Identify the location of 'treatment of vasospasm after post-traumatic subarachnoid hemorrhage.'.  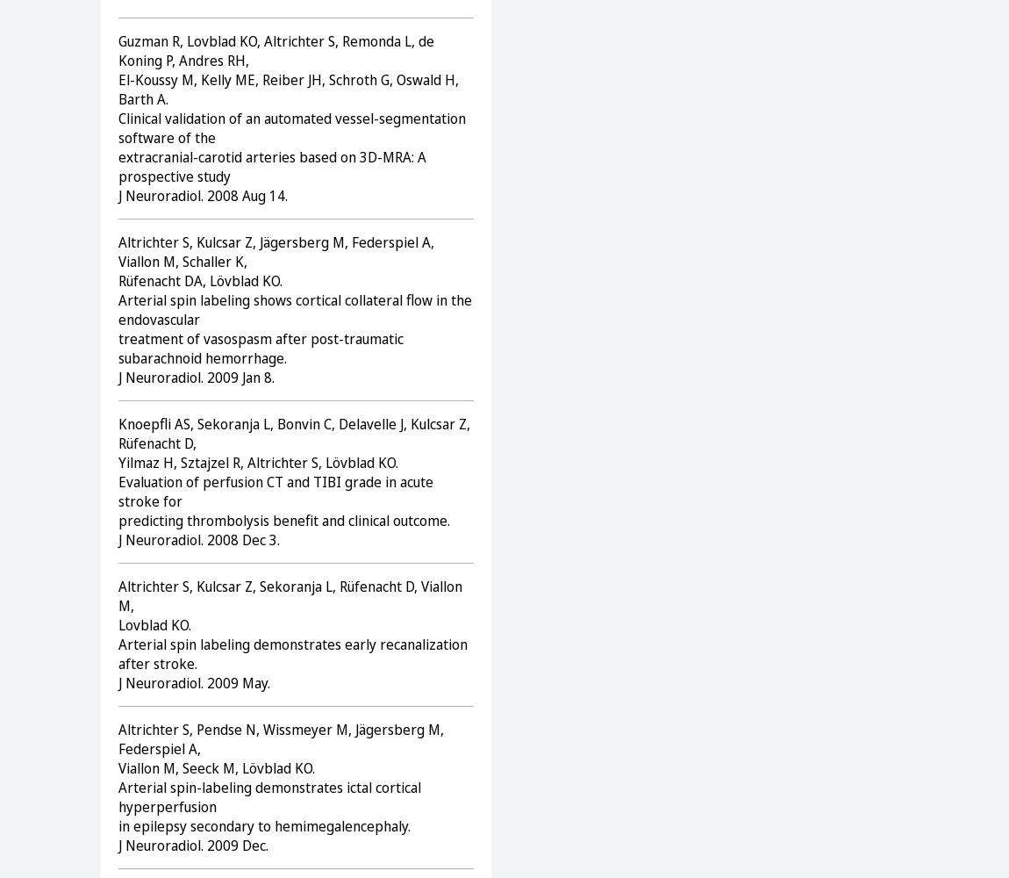
(261, 348).